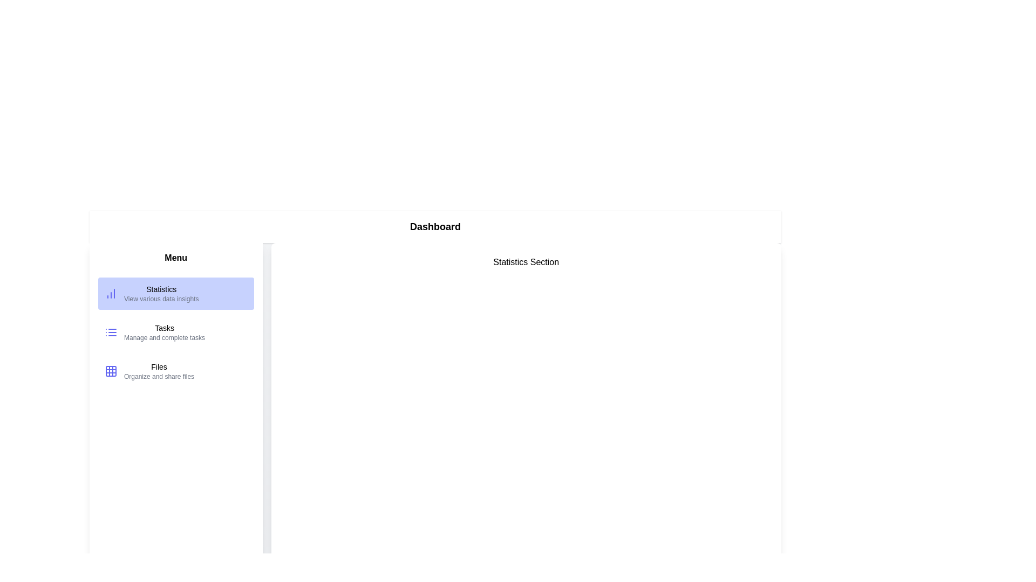 The image size is (1036, 582). What do you see at coordinates (176, 293) in the screenshot?
I see `the menu tab labeled Statistics to view its details` at bounding box center [176, 293].